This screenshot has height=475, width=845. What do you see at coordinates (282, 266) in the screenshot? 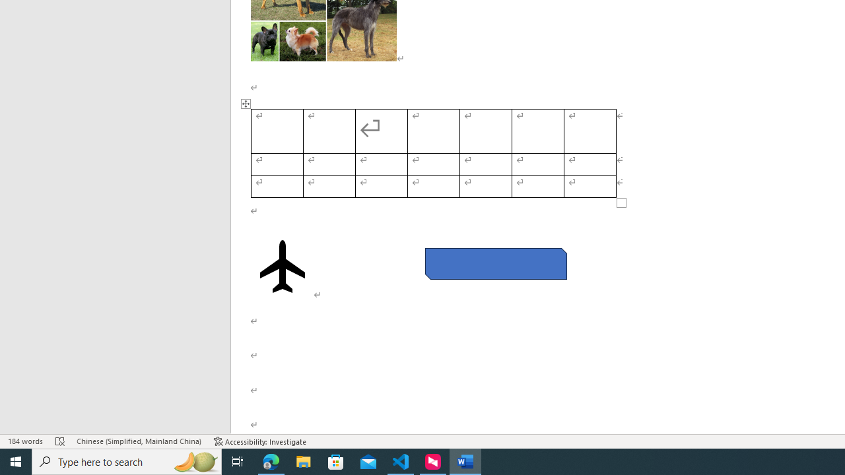
I see `'Airplane with solid fill'` at bounding box center [282, 266].